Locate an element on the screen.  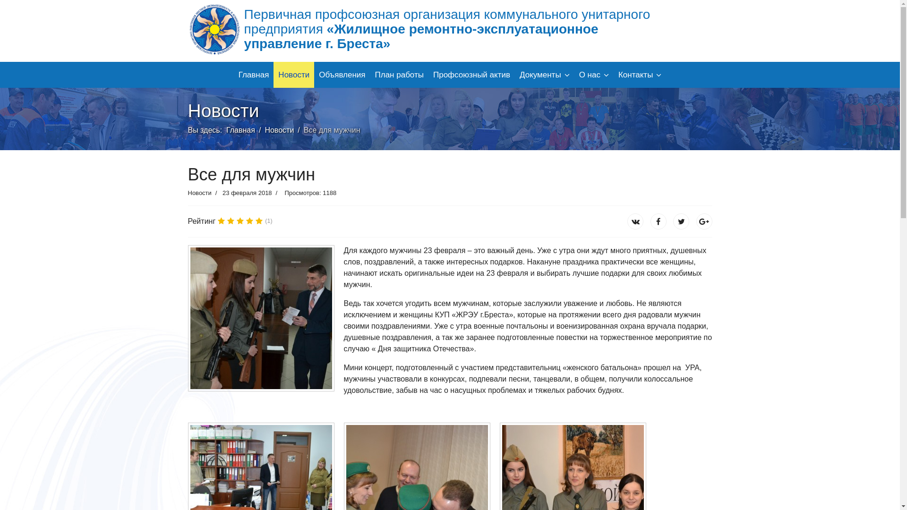
'Facebook' is located at coordinates (635, 221).